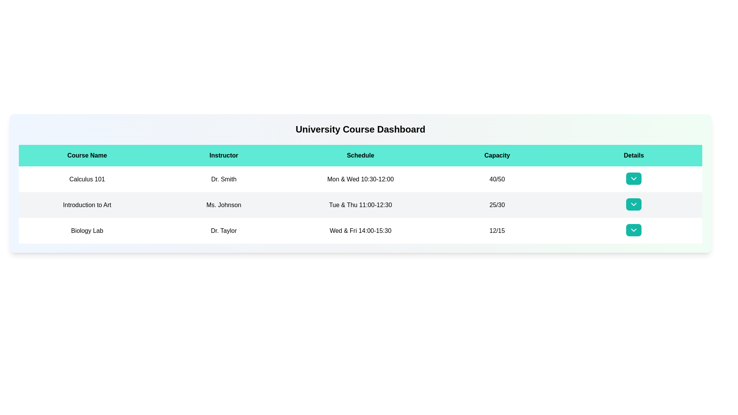  What do you see at coordinates (634, 204) in the screenshot?
I see `the Dropdown toggle button with a teal background and a downward-pointing chevron icon, located in the 'Details' column of the 'Introduction to Art' row` at bounding box center [634, 204].